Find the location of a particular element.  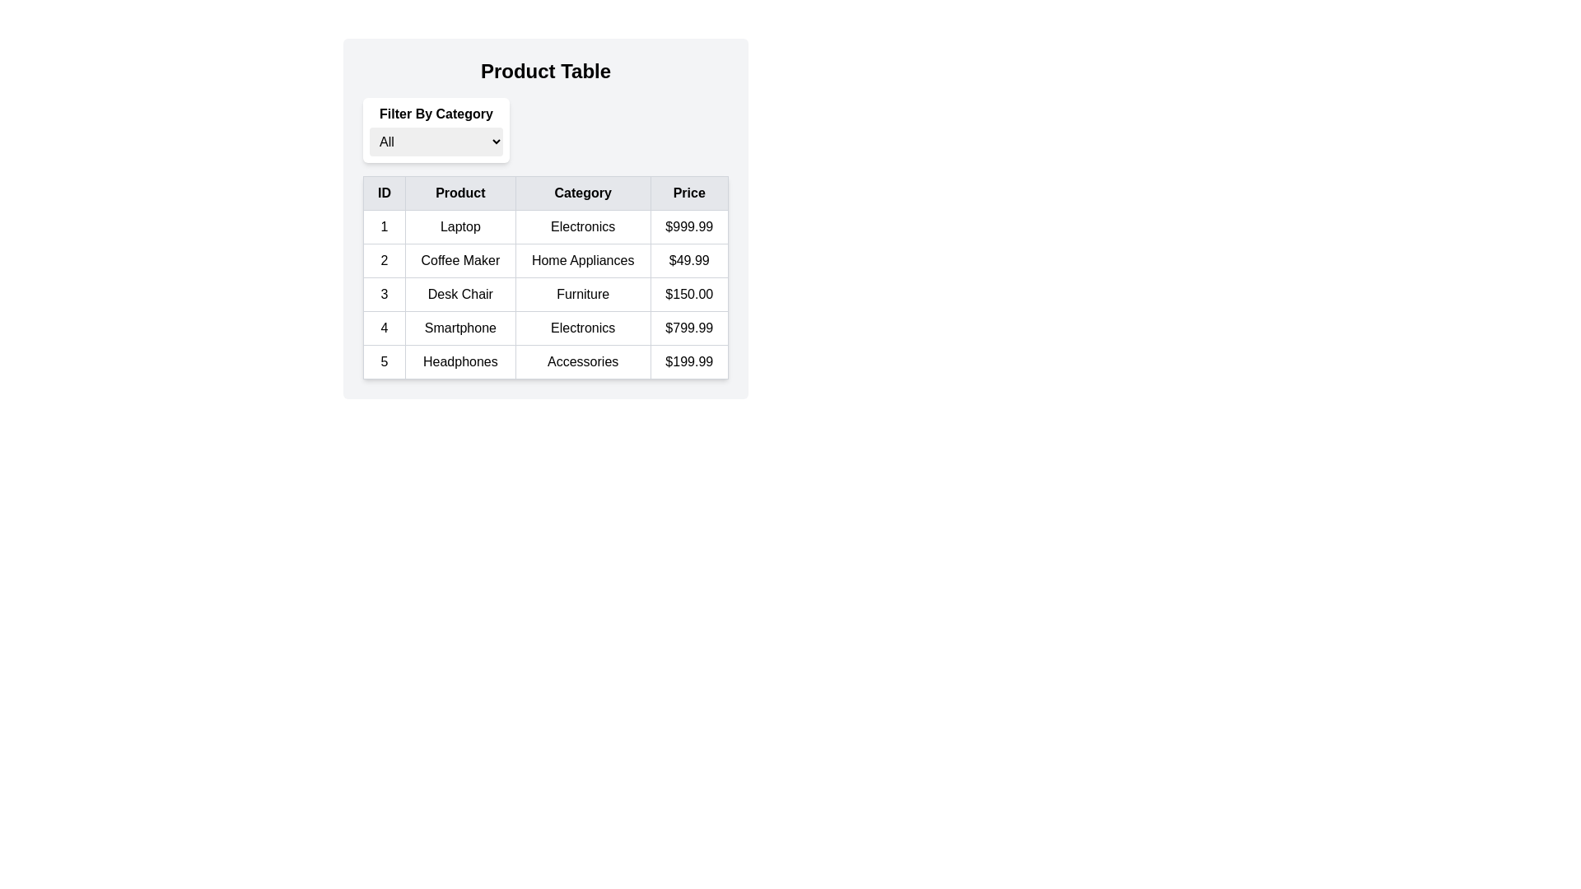

detailed information presented in the second row of the 'Product Table' containing the product 'Coffee Maker' is located at coordinates (545, 259).